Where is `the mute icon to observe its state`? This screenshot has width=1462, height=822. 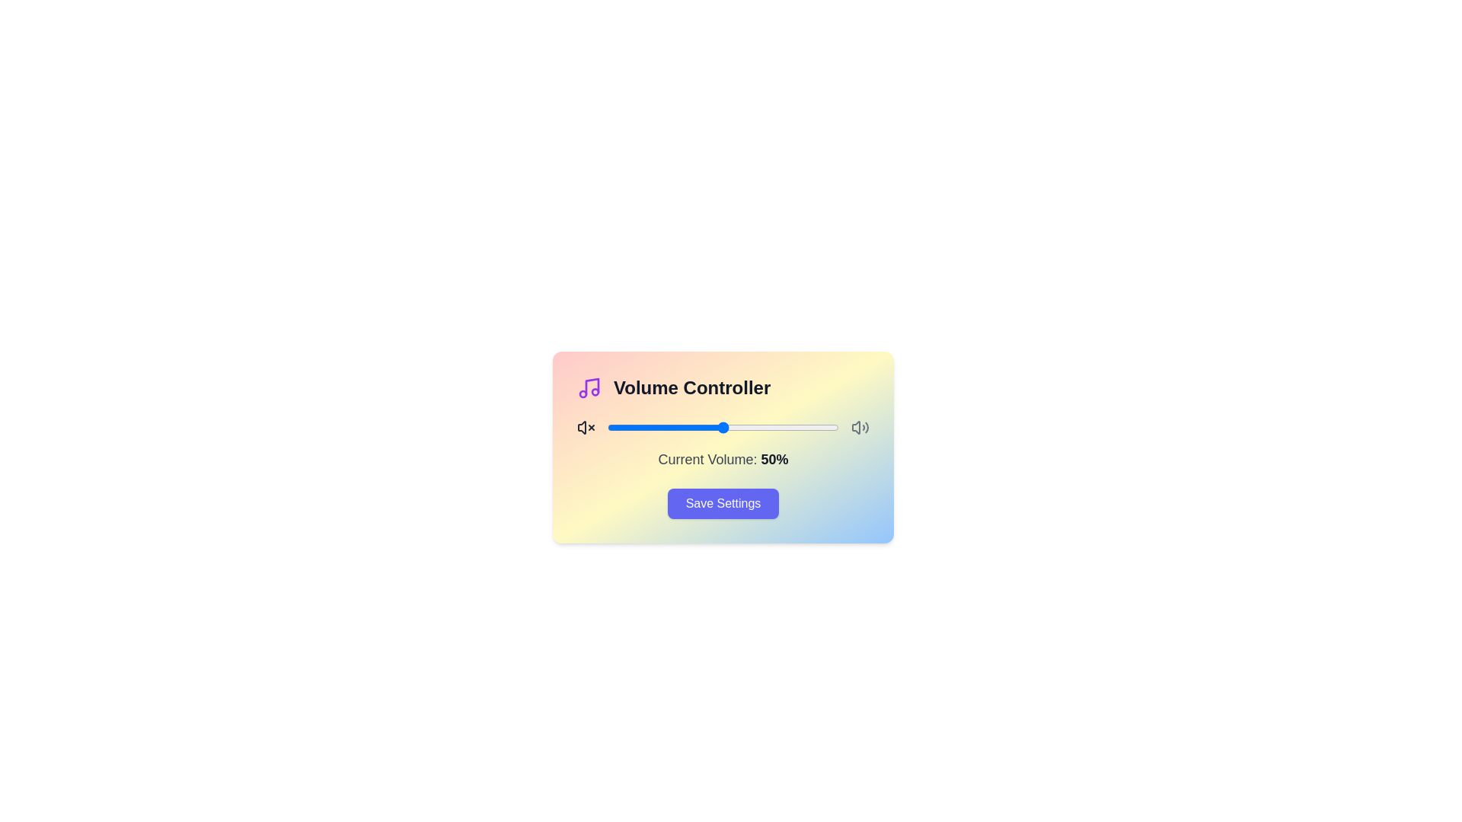
the mute icon to observe its state is located at coordinates (585, 428).